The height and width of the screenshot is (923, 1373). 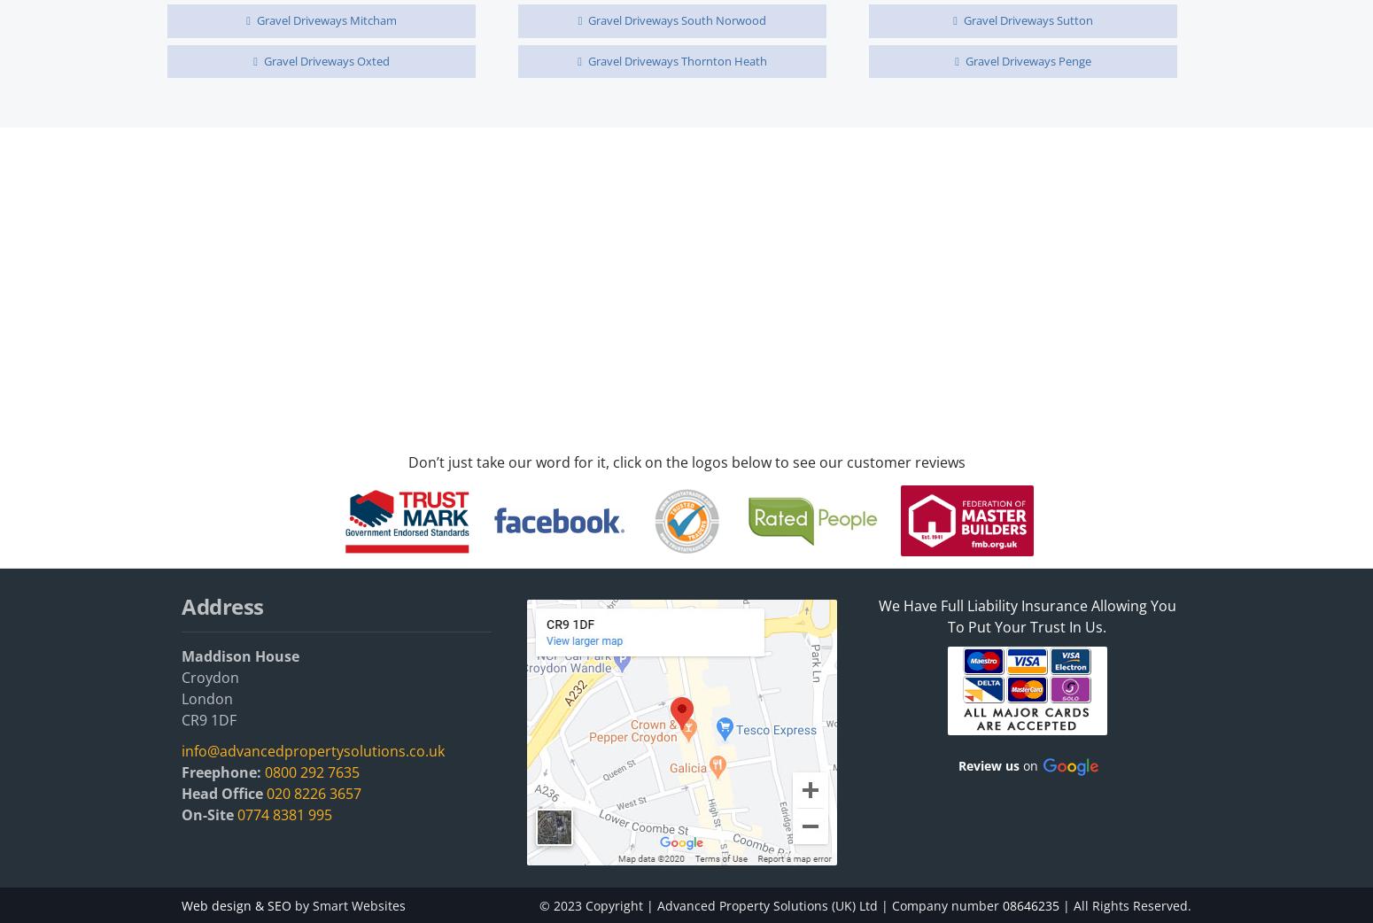 What do you see at coordinates (1028, 765) in the screenshot?
I see `'on'` at bounding box center [1028, 765].